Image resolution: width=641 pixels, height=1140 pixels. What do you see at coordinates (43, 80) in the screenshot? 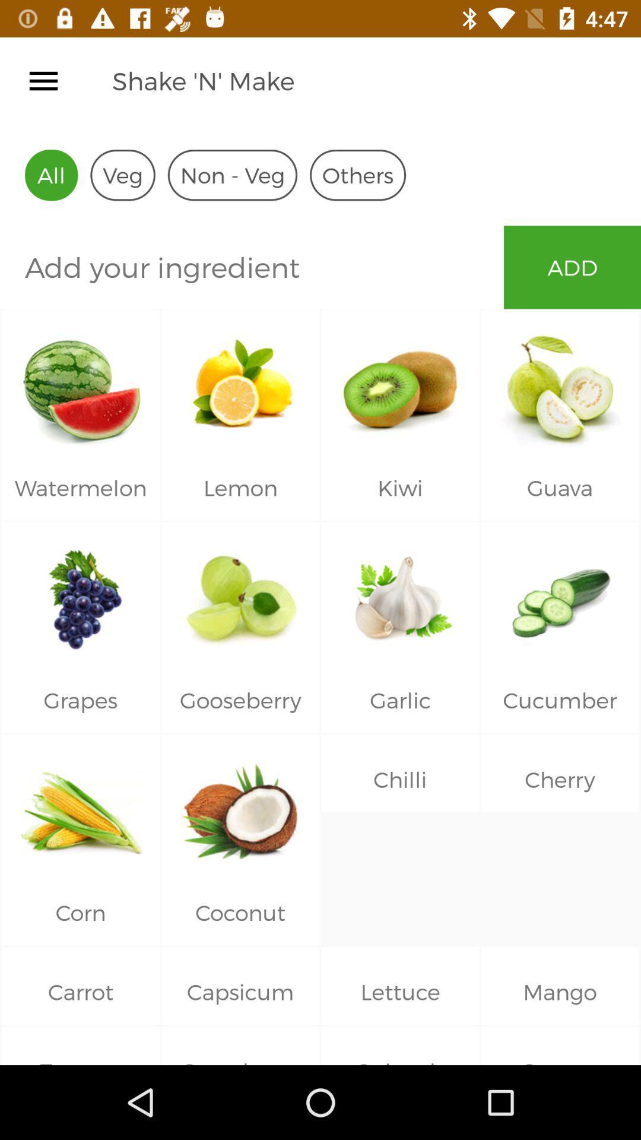
I see `the menu icon` at bounding box center [43, 80].